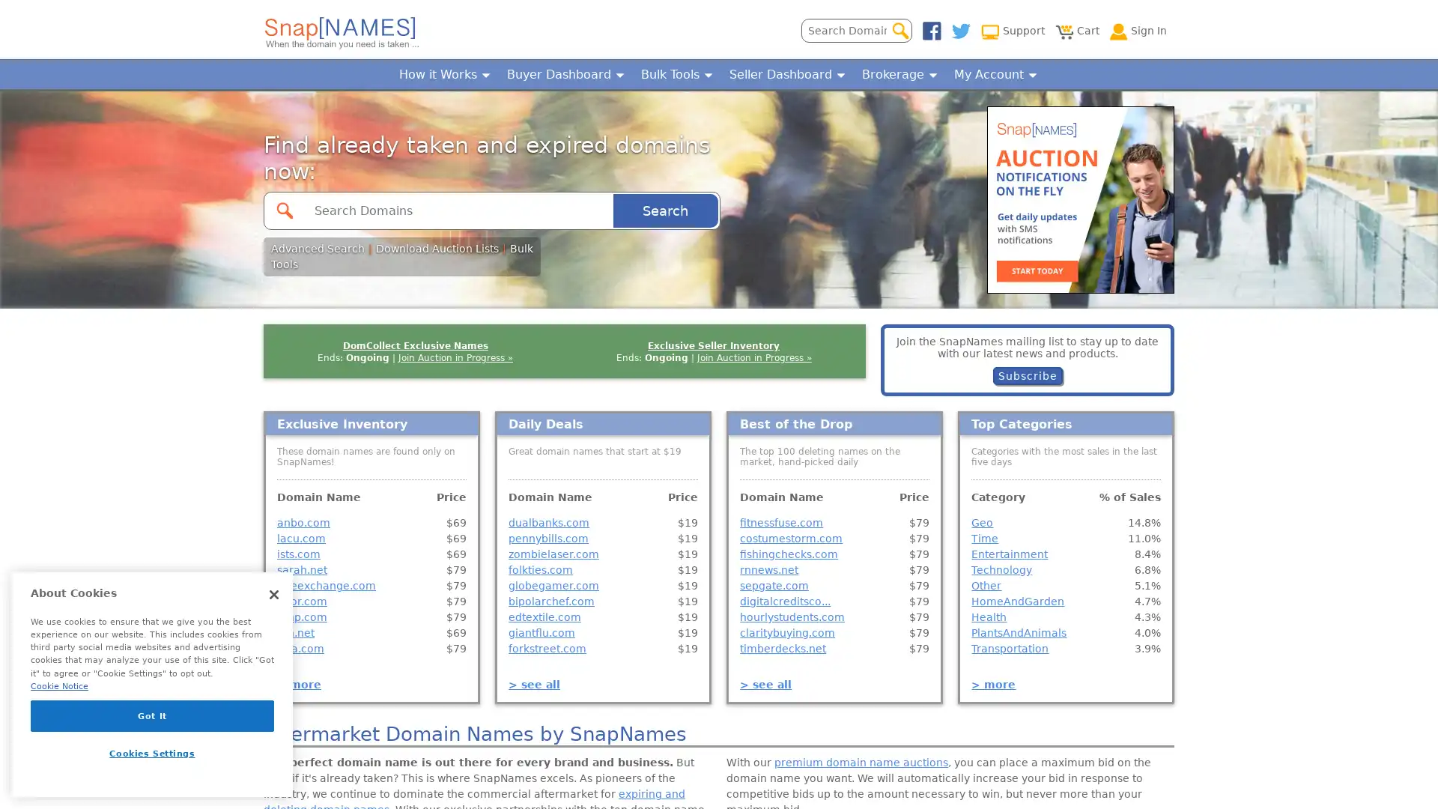 This screenshot has width=1438, height=809. I want to click on Cookies Settings, so click(152, 753).